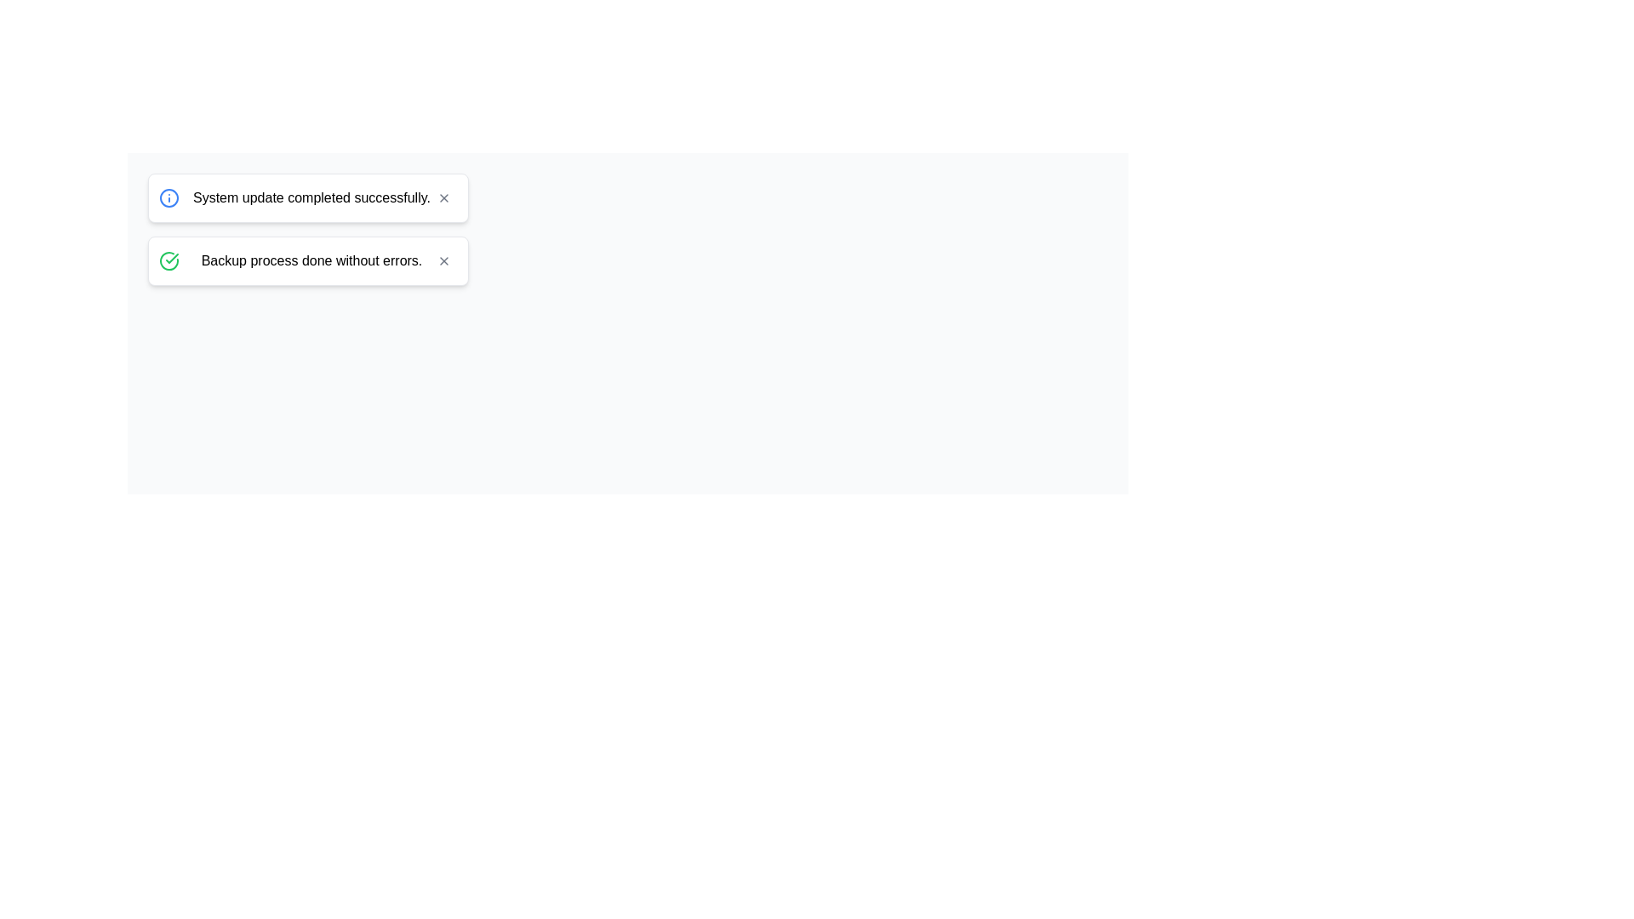 This screenshot has width=1634, height=919. What do you see at coordinates (443, 261) in the screenshot?
I see `the Icon Button located at the top-right corner of the notification card, adjacent to the text 'Backup process done without errors.'` at bounding box center [443, 261].